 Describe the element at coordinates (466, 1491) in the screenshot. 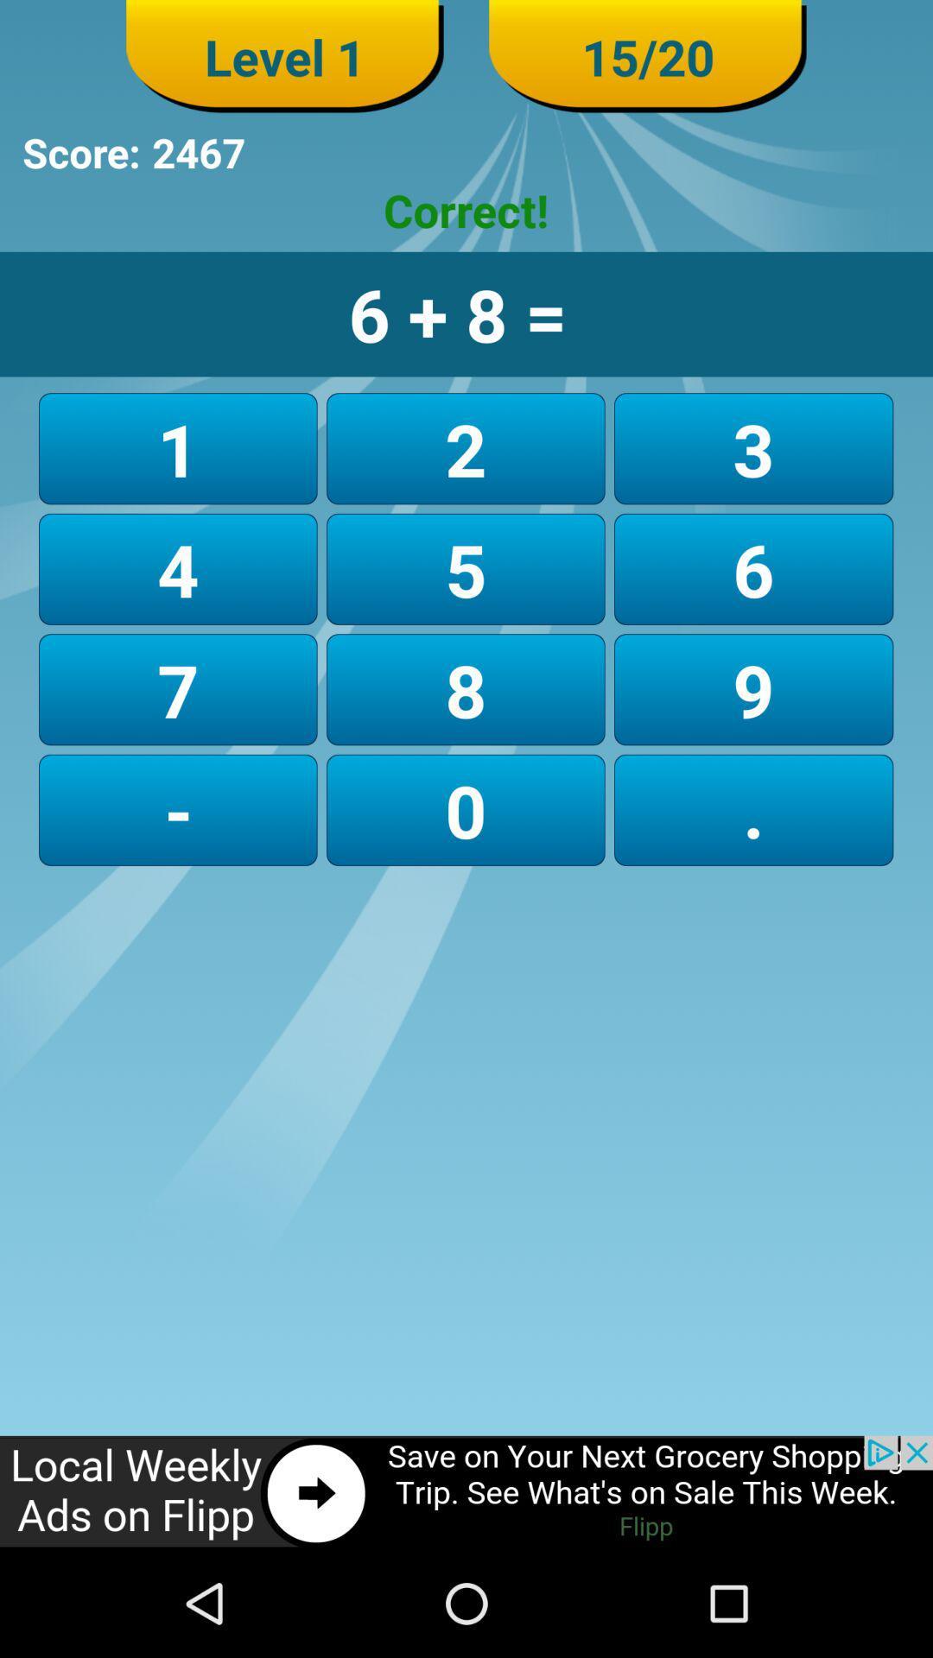

I see `local weekly advertisements on flipp option` at that location.